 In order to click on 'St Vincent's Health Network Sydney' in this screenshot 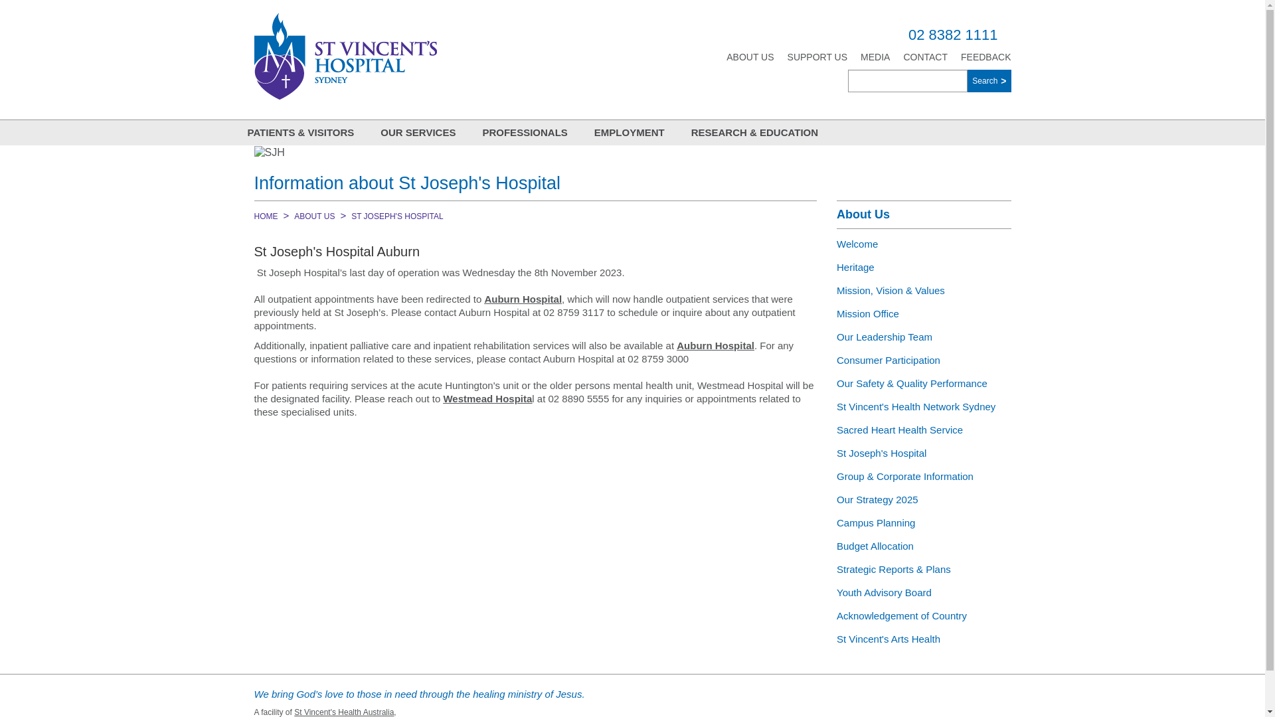, I will do `click(923, 406)`.